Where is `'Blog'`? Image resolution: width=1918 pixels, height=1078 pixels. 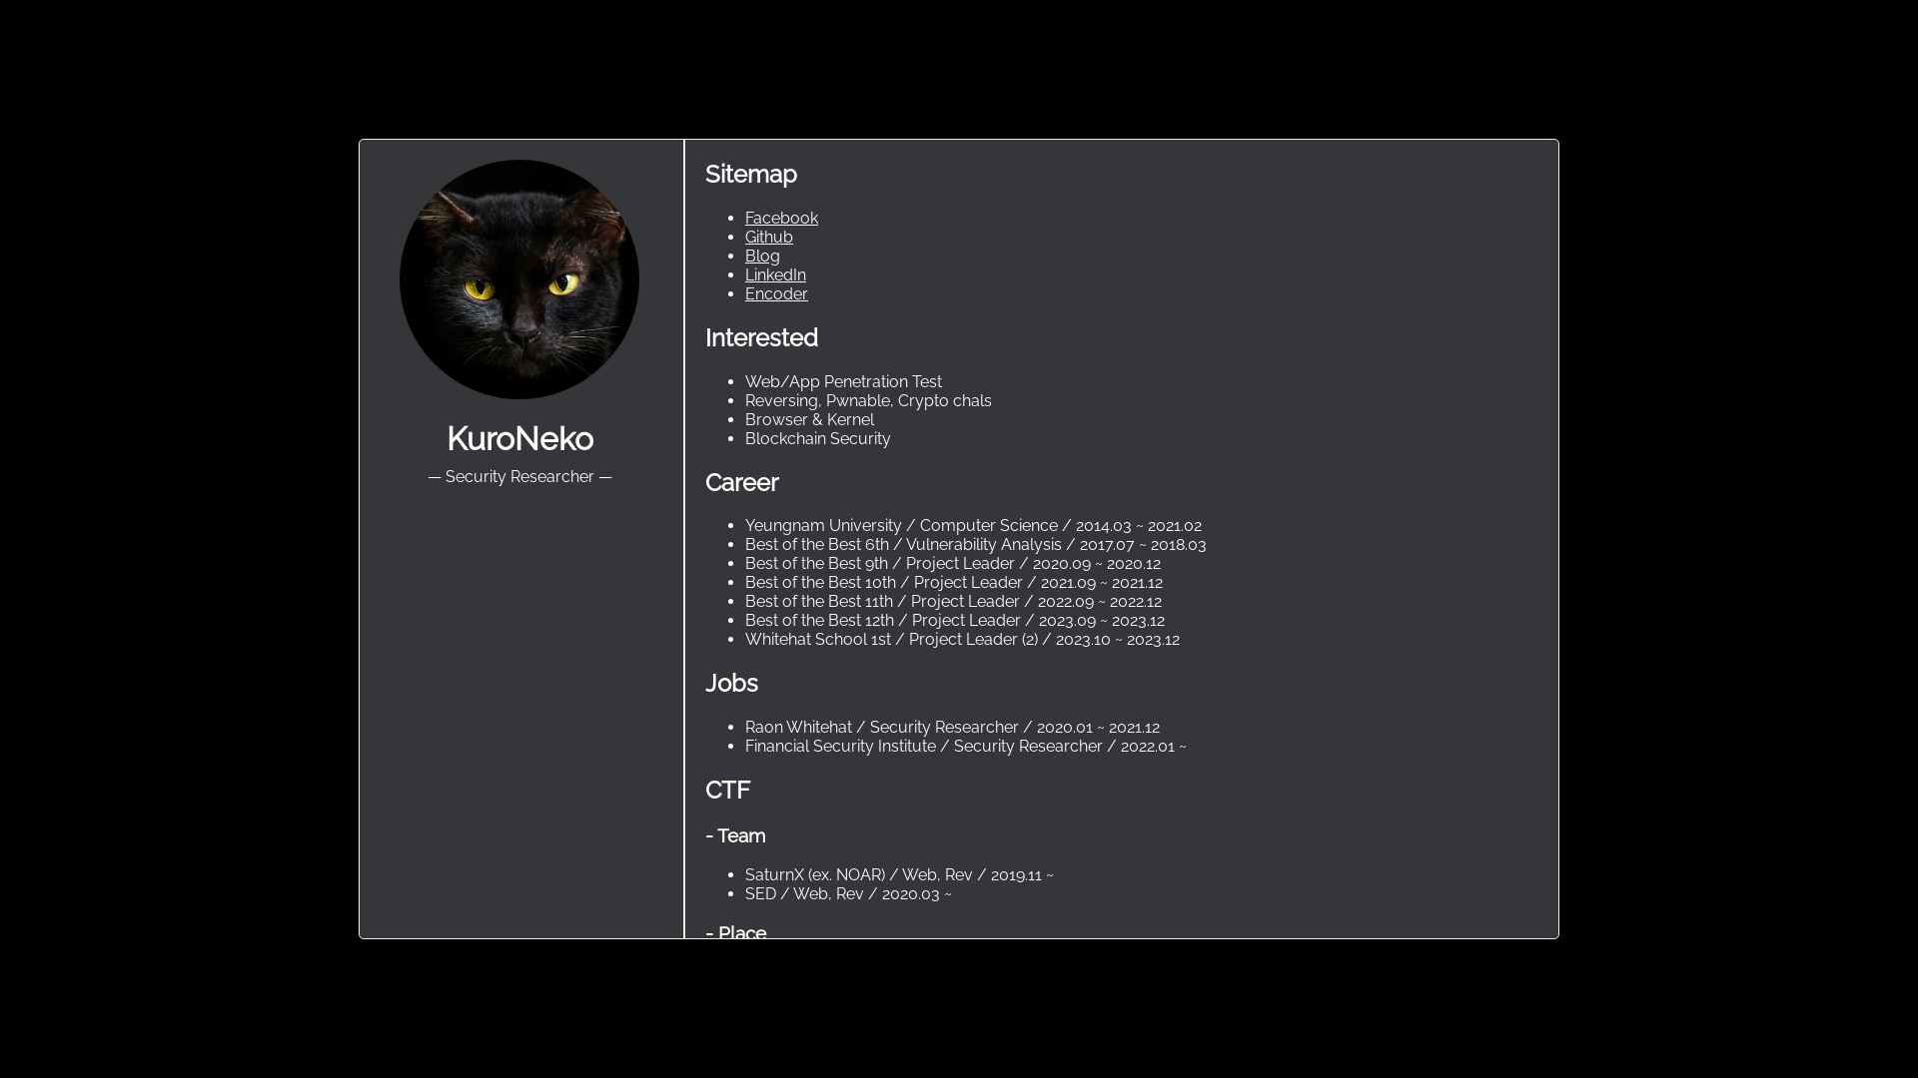
'Blog' is located at coordinates (761, 255).